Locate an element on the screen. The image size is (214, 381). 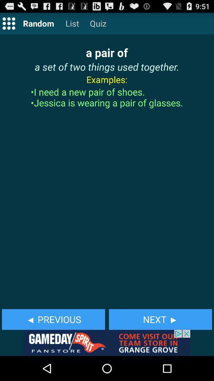
open advertisements is located at coordinates (107, 343).